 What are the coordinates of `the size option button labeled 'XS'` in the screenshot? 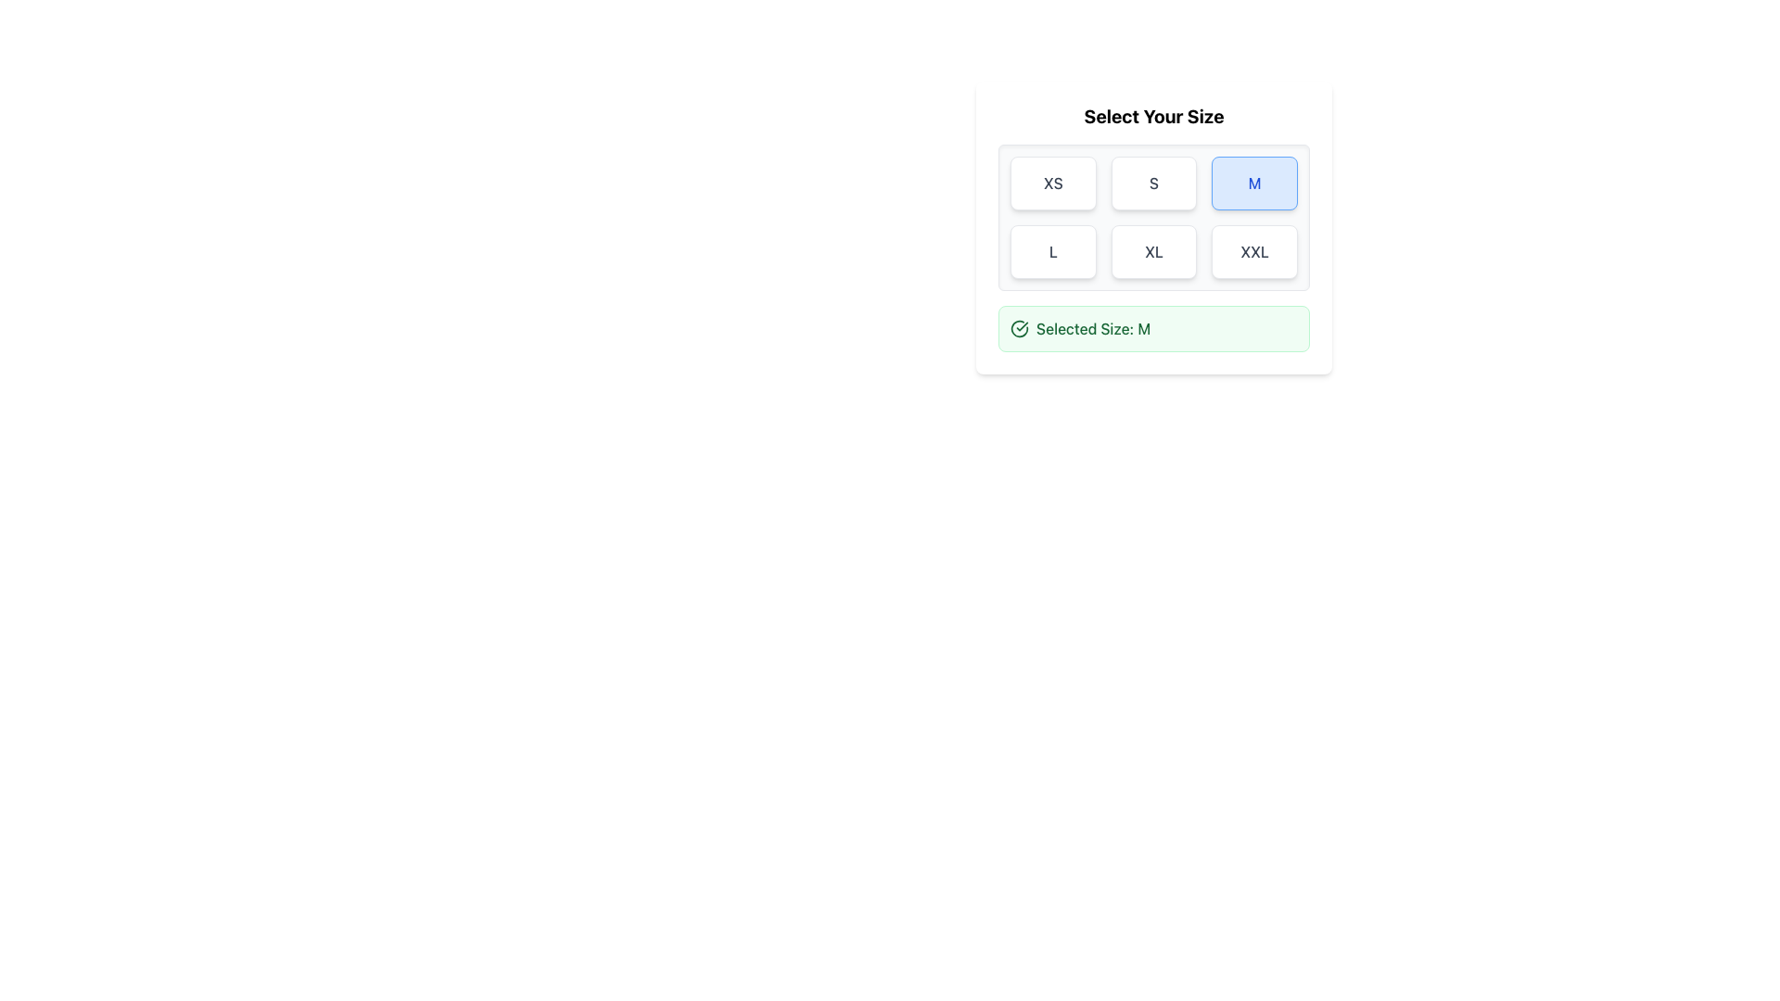 It's located at (1053, 183).